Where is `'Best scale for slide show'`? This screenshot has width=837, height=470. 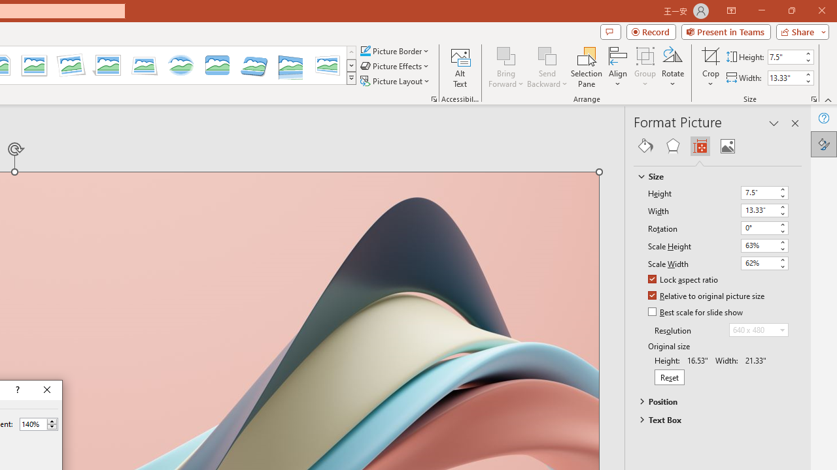
'Best scale for slide show' is located at coordinates (696, 313).